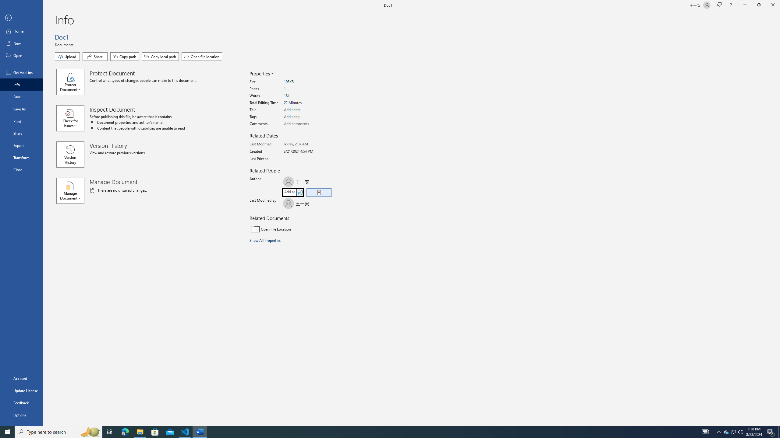 The image size is (780, 438). I want to click on 'Account', so click(21, 378).